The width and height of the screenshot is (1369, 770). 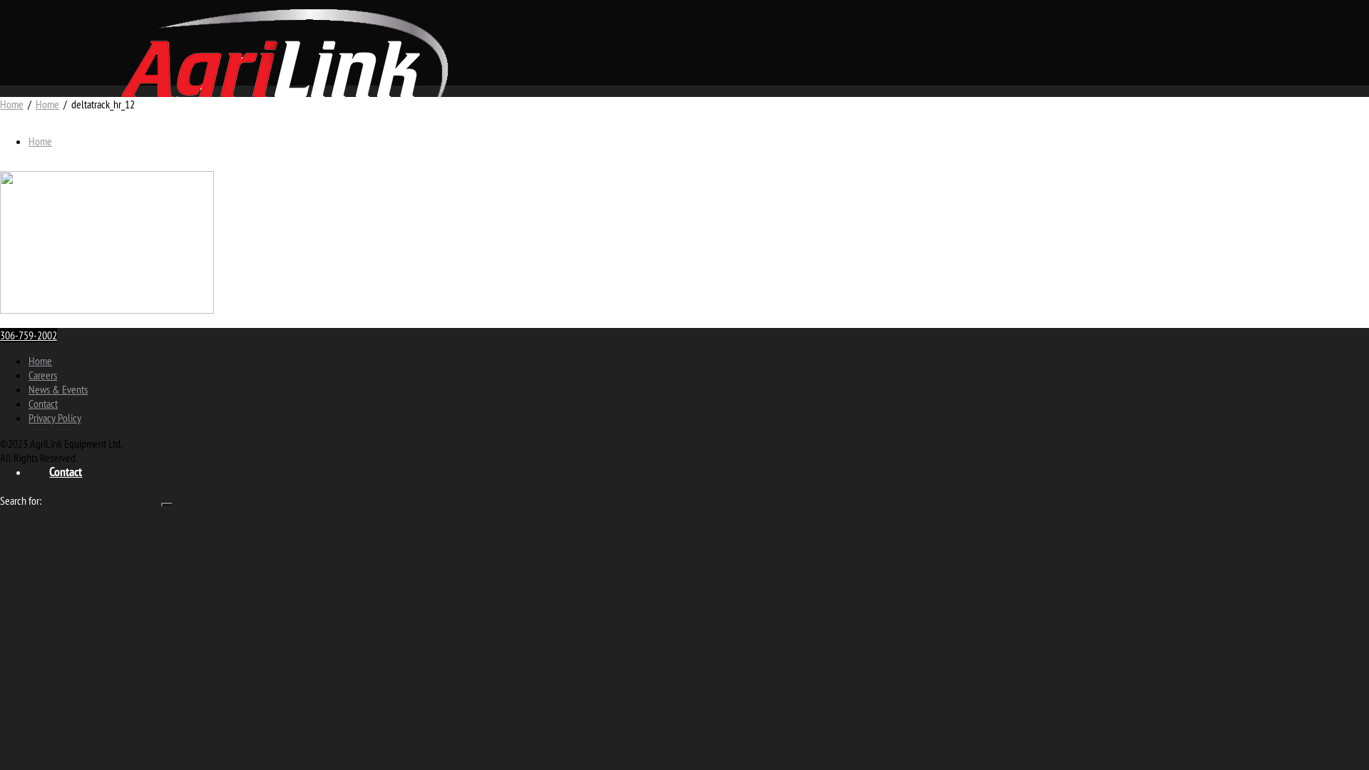 I want to click on 'Search', so click(x=167, y=504).